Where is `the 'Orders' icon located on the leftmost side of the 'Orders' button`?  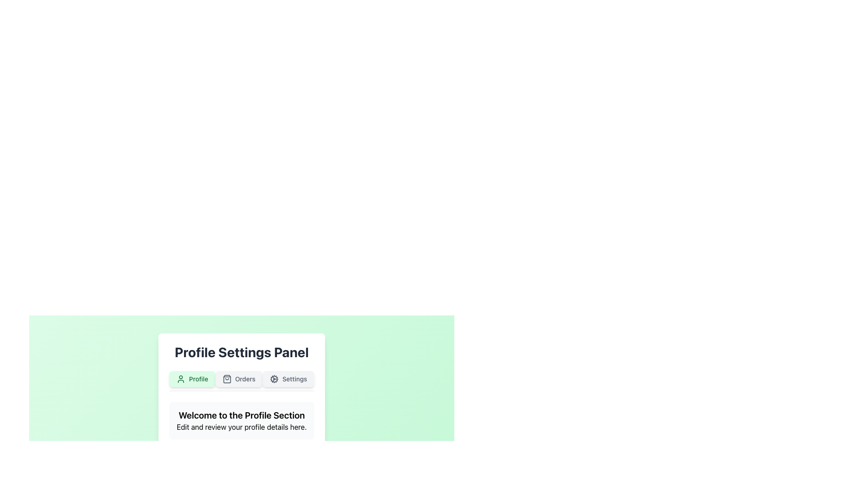
the 'Orders' icon located on the leftmost side of the 'Orders' button is located at coordinates (227, 379).